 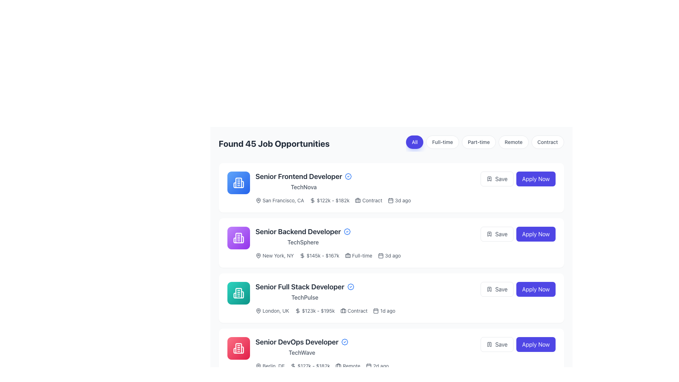 I want to click on the 'Contract' filter button, the last button in the horizontal list of job role filters located at the top-right corner of the job listing interface, so click(x=547, y=142).